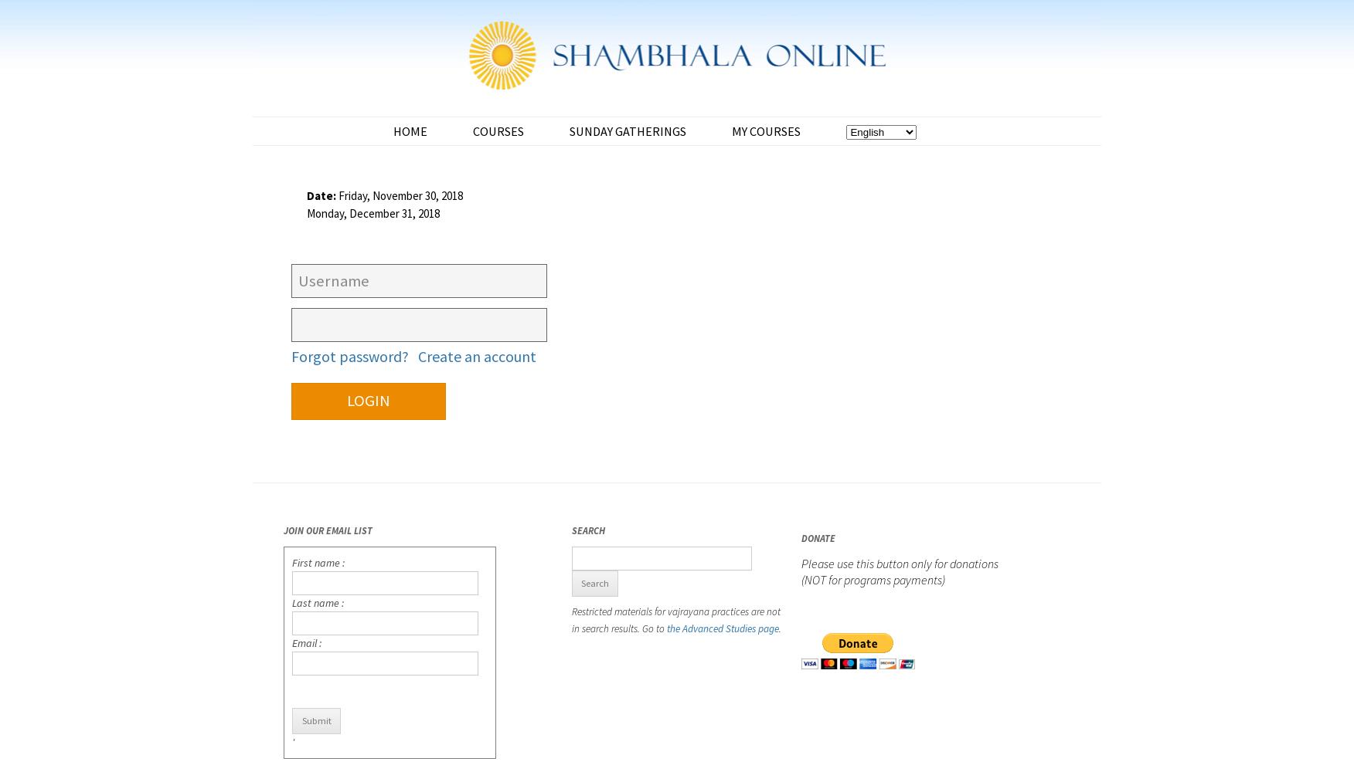 This screenshot has width=1354, height=772. Describe the element at coordinates (318, 561) in the screenshot. I see `'First name :'` at that location.